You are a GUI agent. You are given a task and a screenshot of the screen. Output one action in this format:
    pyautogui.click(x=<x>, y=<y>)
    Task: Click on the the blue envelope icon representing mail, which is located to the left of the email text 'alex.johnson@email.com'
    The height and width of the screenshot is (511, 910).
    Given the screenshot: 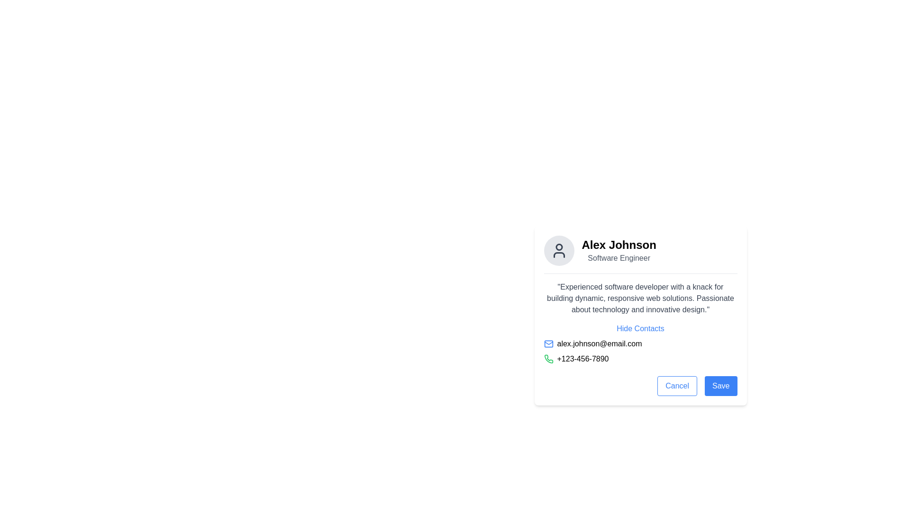 What is the action you would take?
    pyautogui.click(x=548, y=344)
    